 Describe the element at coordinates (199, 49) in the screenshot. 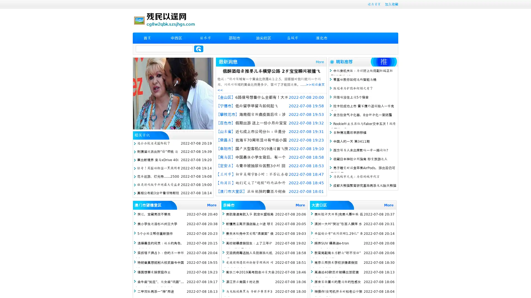

I see `Search` at that location.